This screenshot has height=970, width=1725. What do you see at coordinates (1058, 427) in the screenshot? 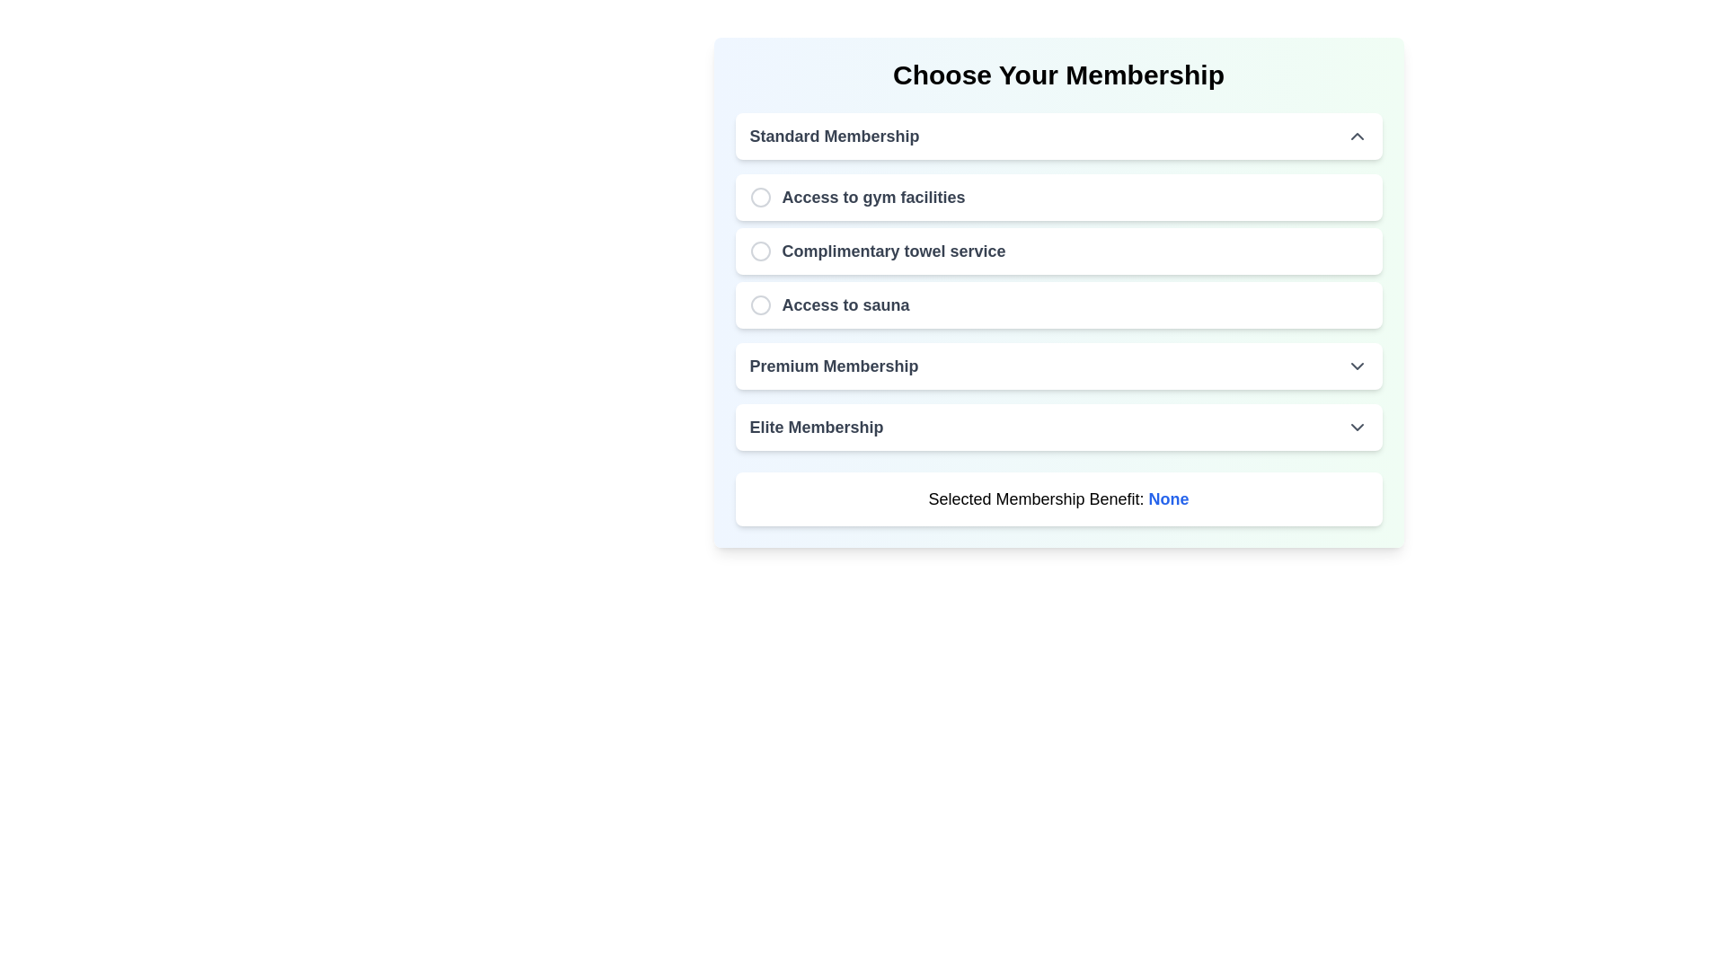
I see `the 'Elite Membership' button, which is the last selectable item` at bounding box center [1058, 427].